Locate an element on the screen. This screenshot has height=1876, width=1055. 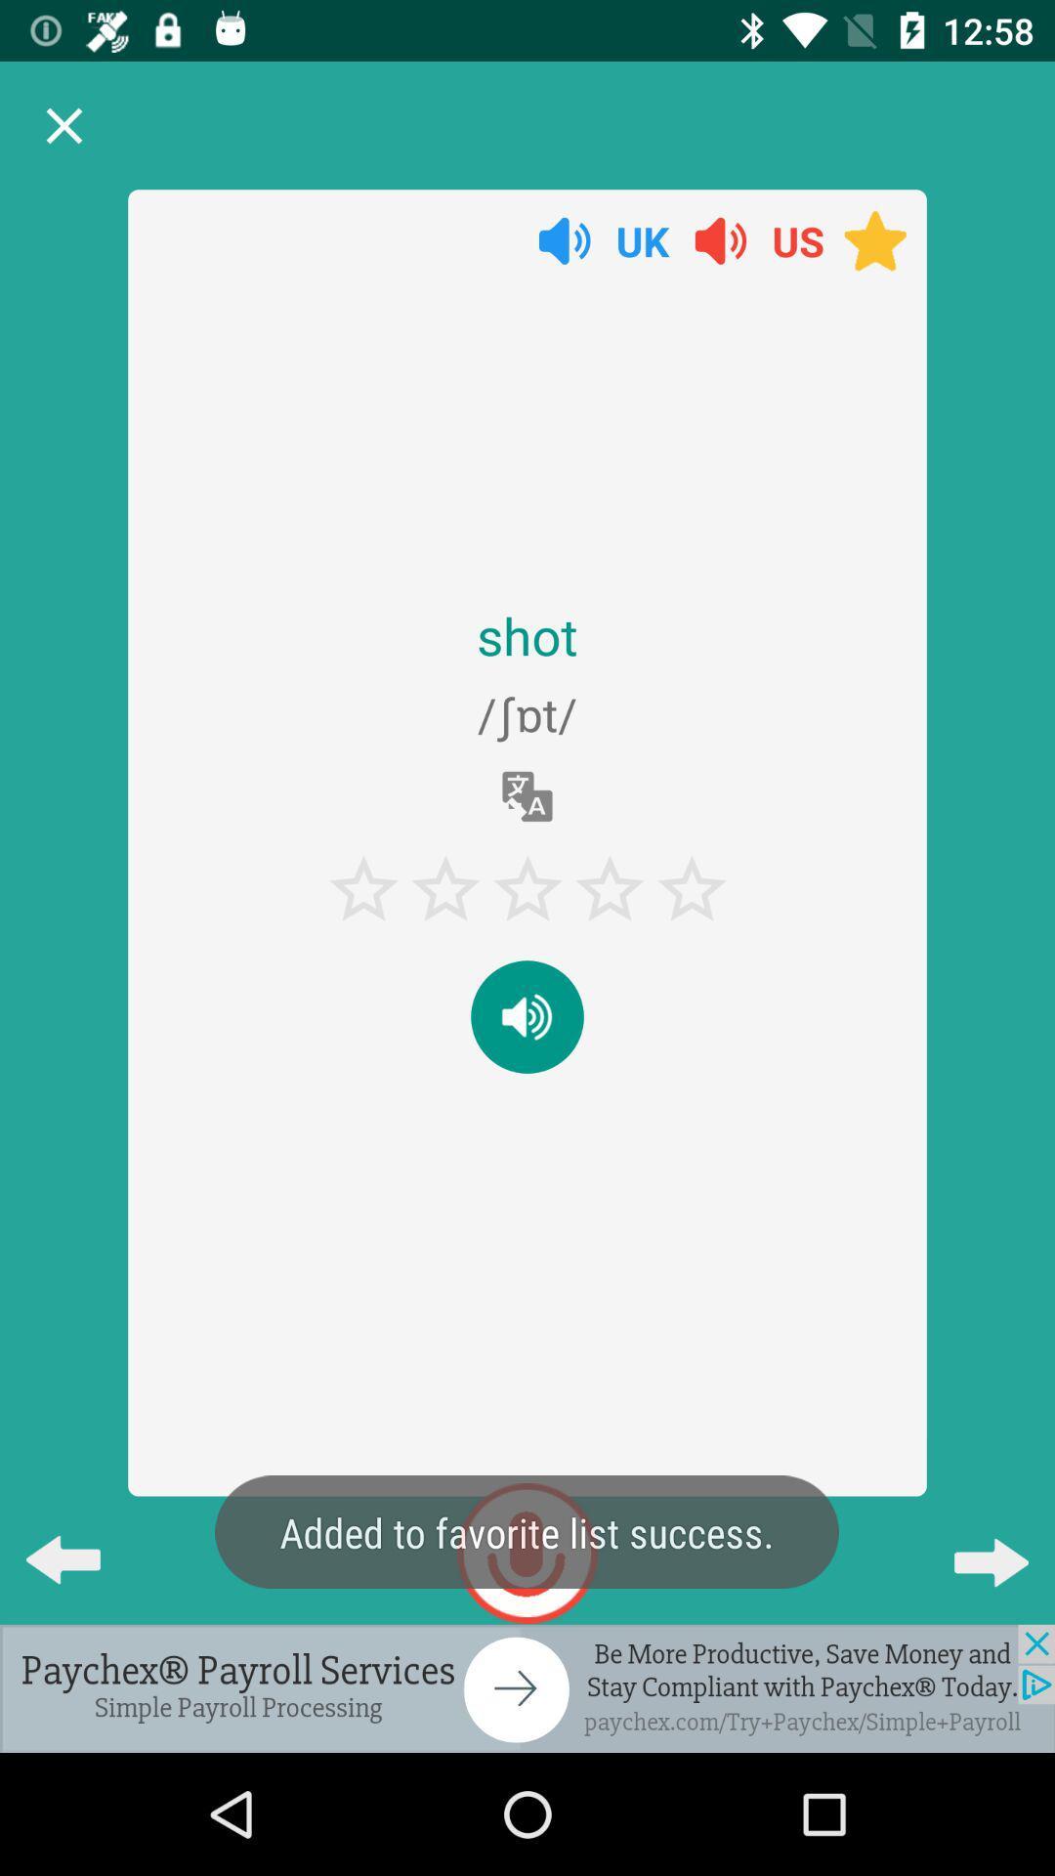
the star icon is located at coordinates (874, 239).